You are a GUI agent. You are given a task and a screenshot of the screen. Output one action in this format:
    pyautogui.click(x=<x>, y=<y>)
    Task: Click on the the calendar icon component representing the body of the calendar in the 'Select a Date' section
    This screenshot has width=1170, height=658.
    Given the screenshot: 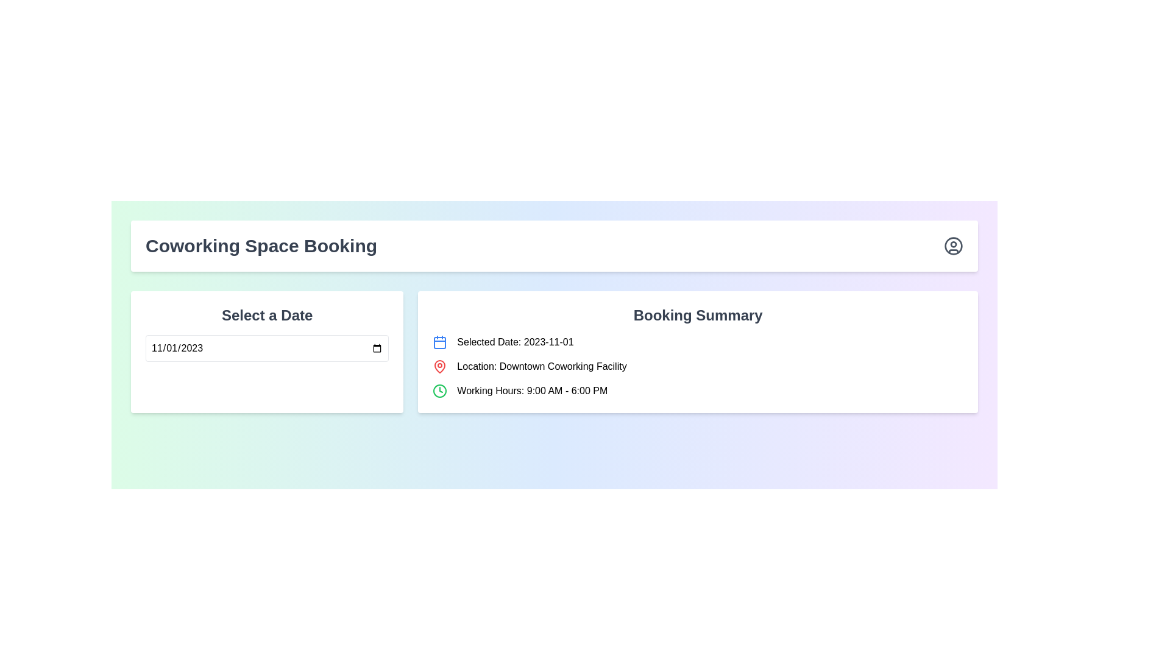 What is the action you would take?
    pyautogui.click(x=439, y=343)
    